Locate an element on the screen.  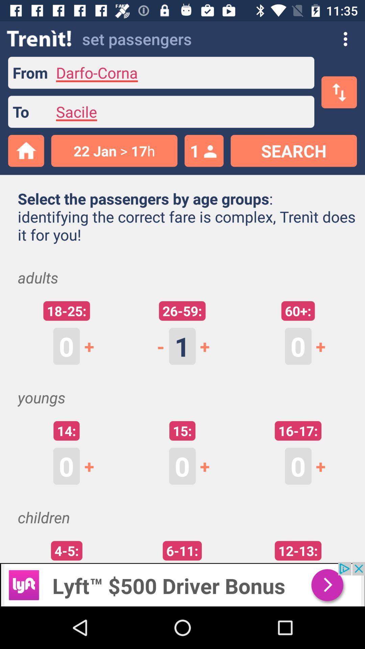
from field is located at coordinates (181, 73).